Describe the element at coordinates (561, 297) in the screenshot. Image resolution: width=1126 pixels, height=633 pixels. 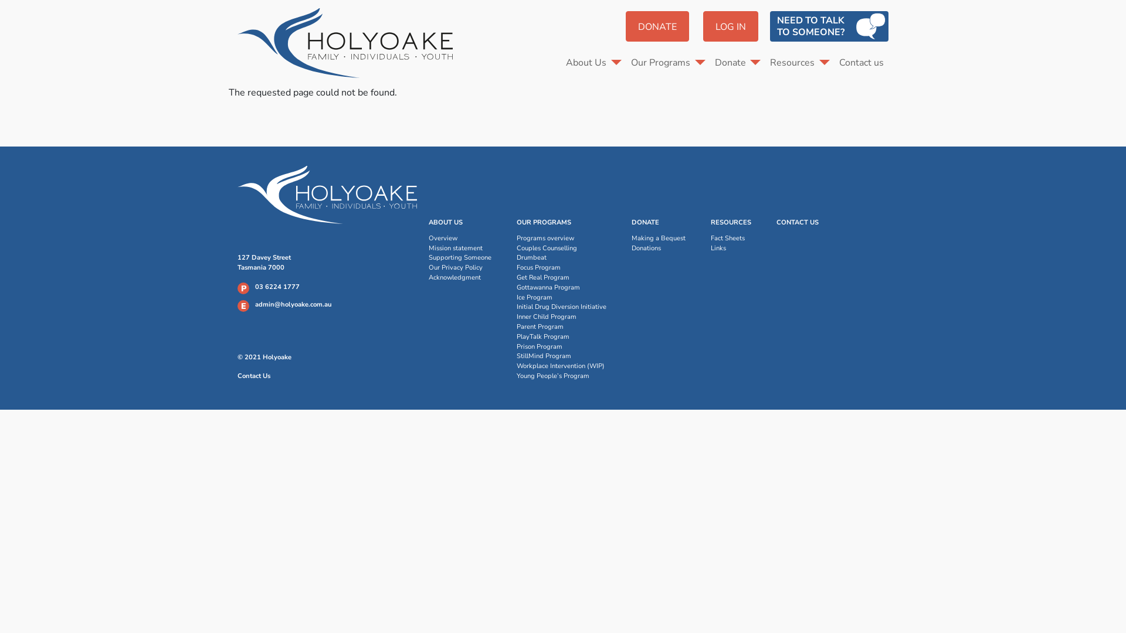
I see `'Ice Program'` at that location.